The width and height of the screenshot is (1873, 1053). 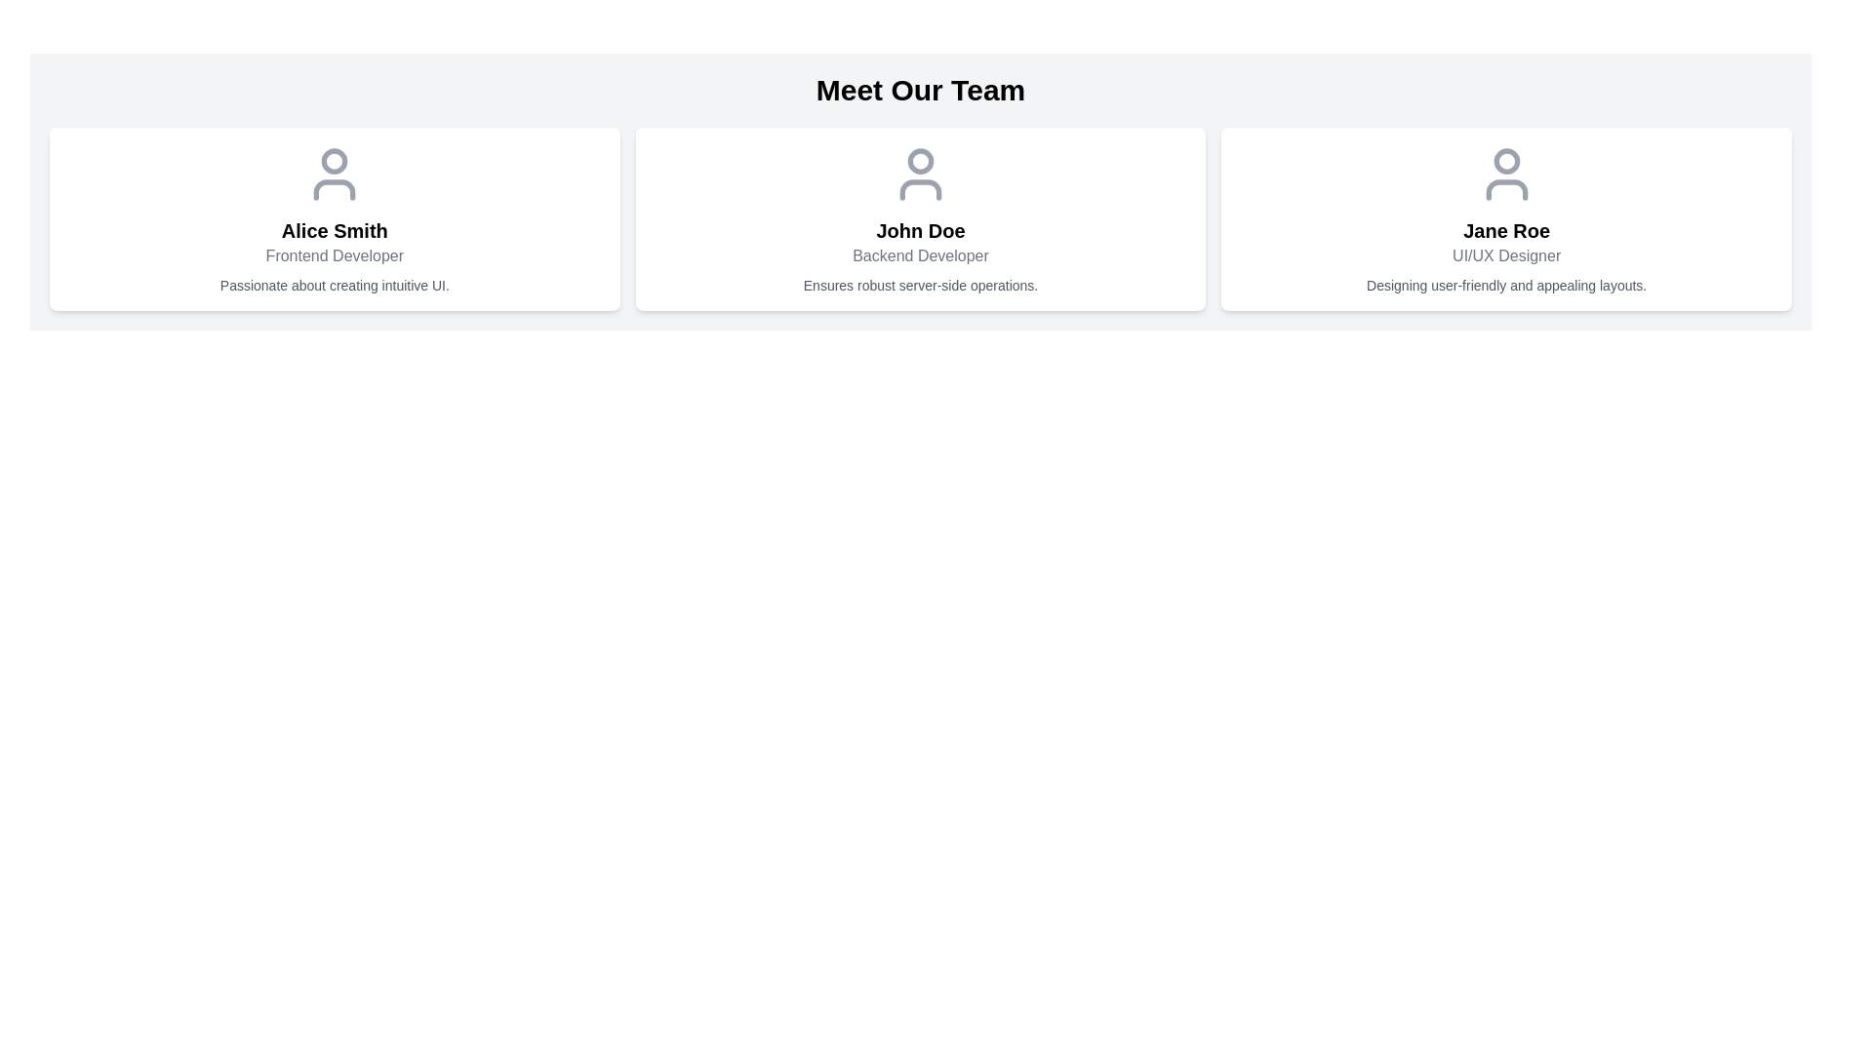 I want to click on the text label displaying 'Designing user-friendly and appealing layouts.' located beneath the job title 'UI/UX Designer' in the rightmost user card, so click(x=1505, y=286).